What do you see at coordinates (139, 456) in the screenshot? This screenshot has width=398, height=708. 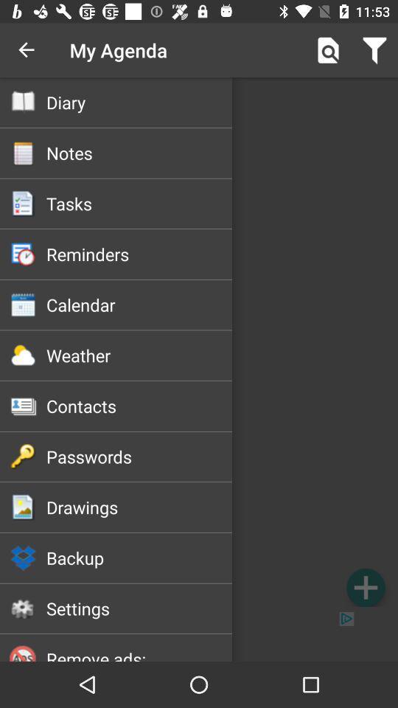 I see `the passwords item` at bounding box center [139, 456].